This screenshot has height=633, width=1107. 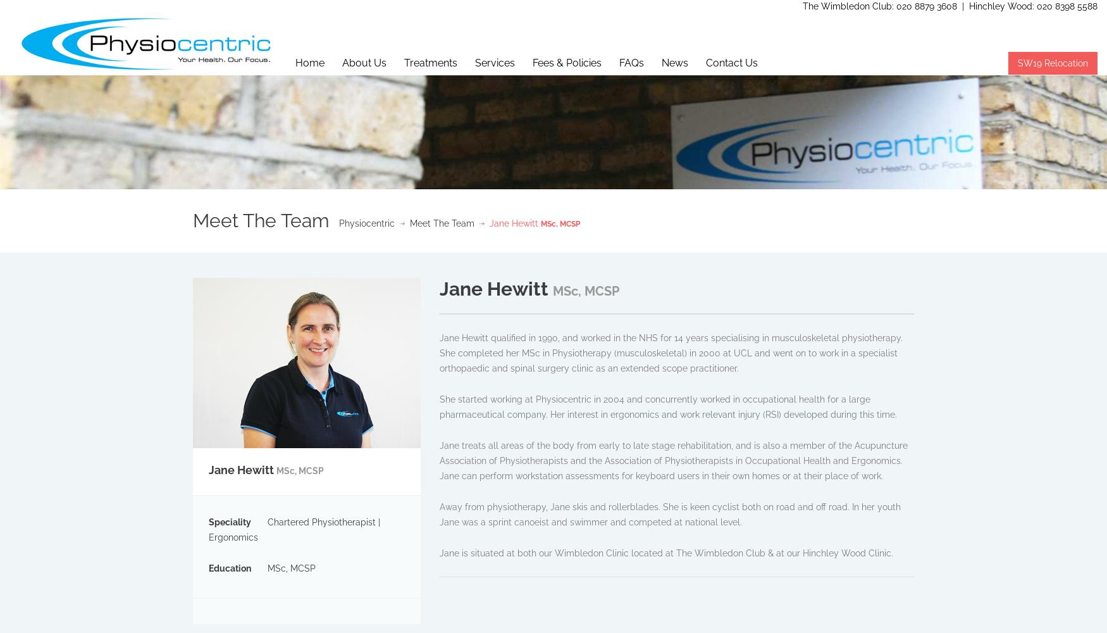 I want to click on 'Chartered Physiotherapist | Ergonomics', so click(x=294, y=529).